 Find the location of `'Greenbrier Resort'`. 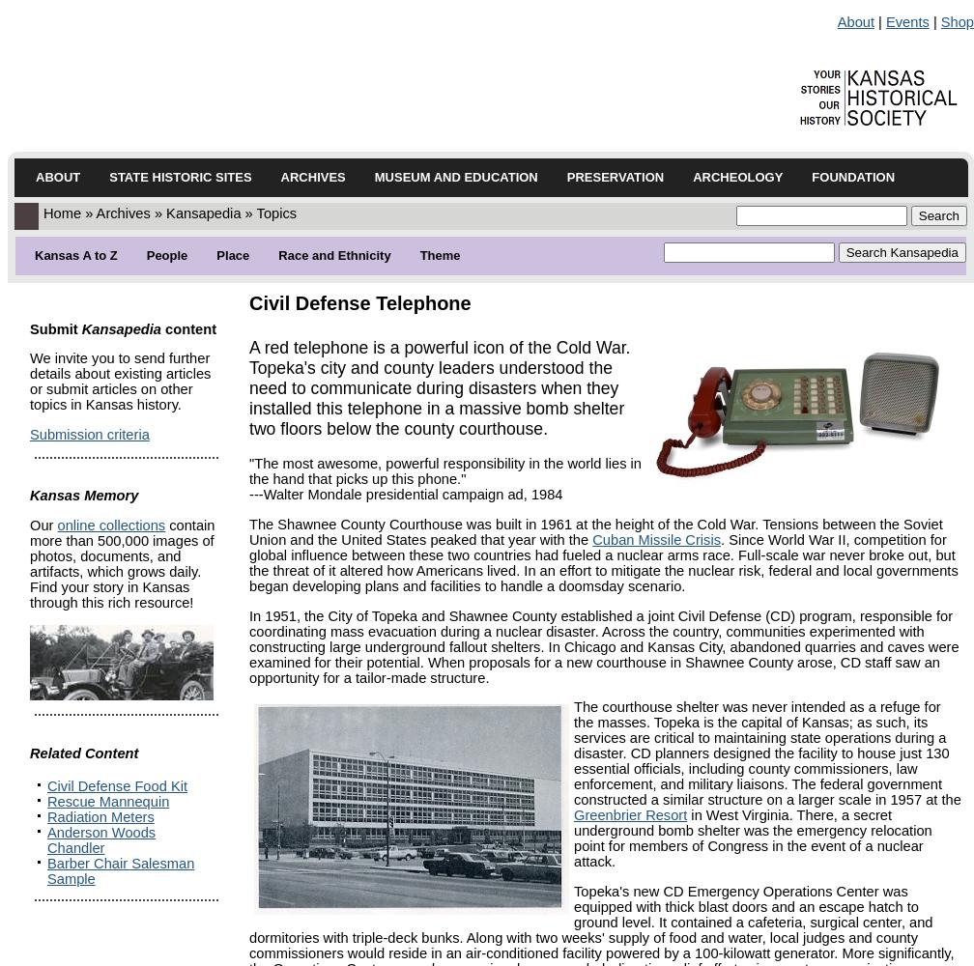

'Greenbrier Resort' is located at coordinates (630, 814).